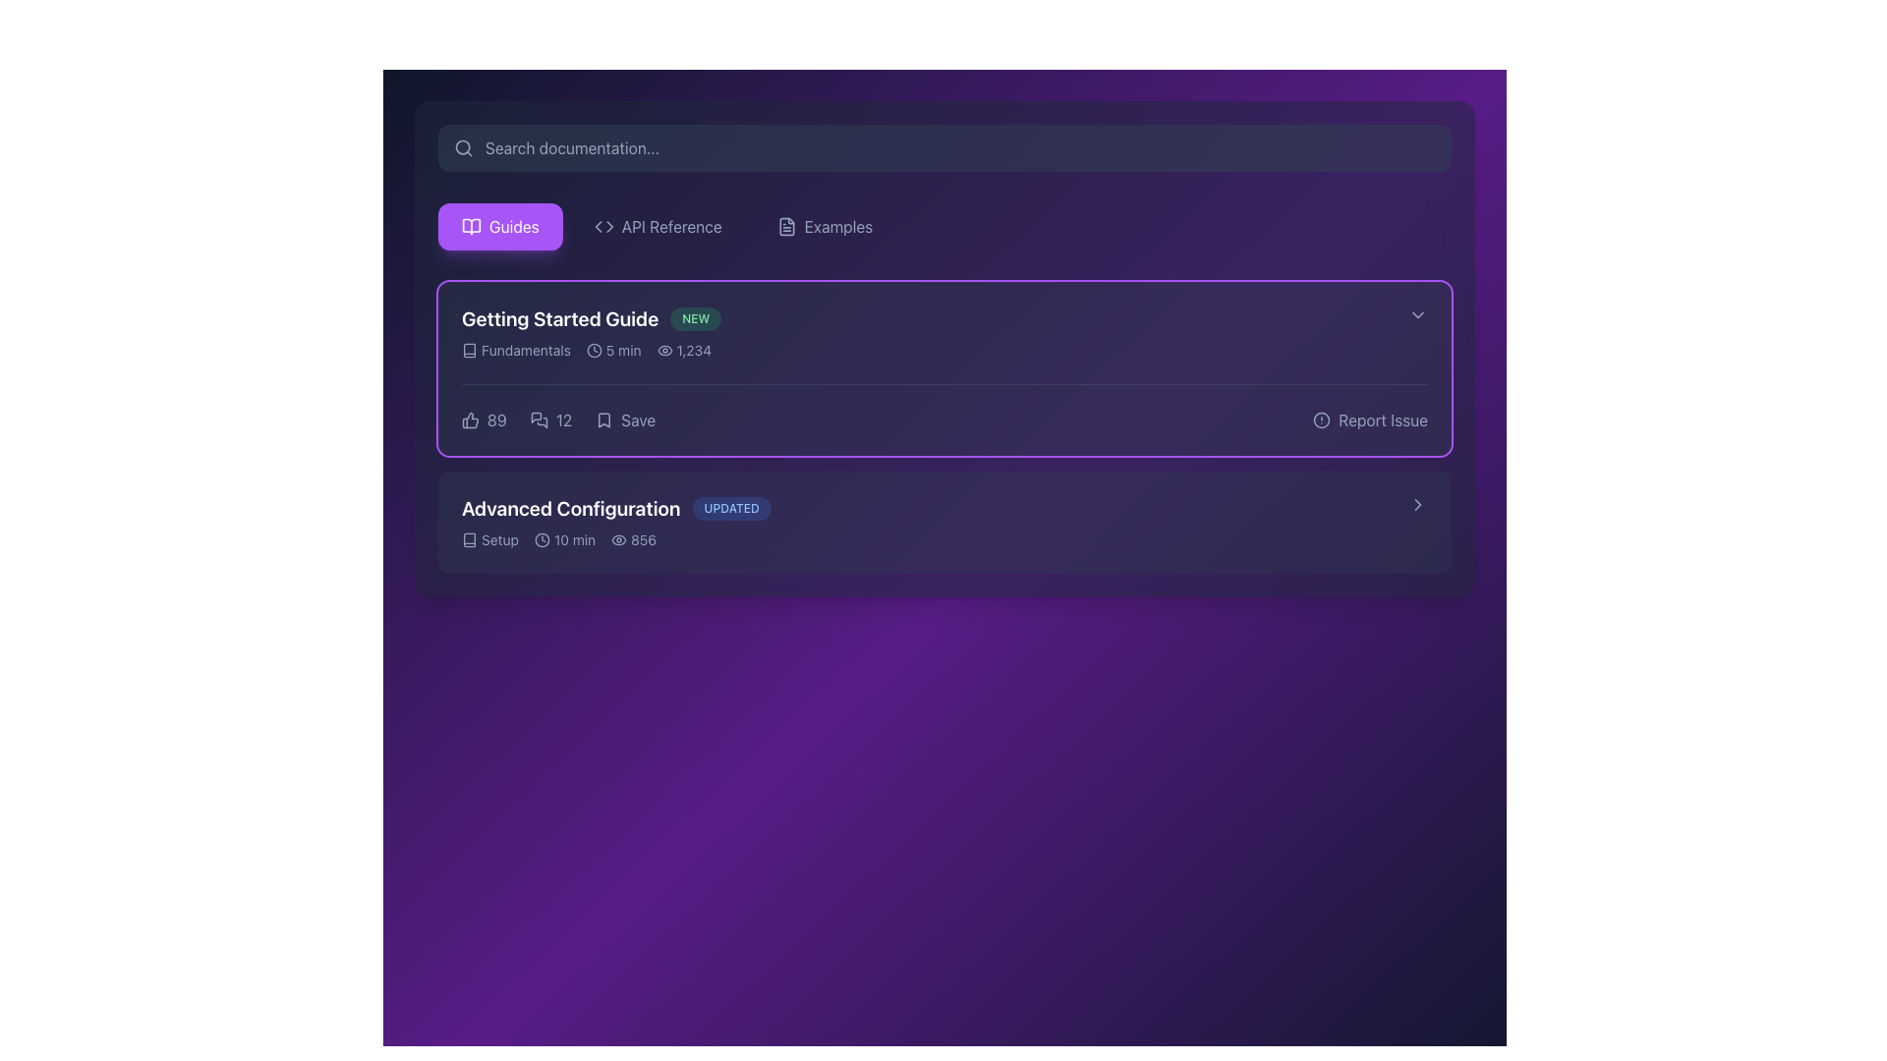  Describe the element at coordinates (472, 226) in the screenshot. I see `the 'Guides' icon located in the left sidebar navigation menu, which is visually represented by a purple button aiding in documentation or tutorial material` at that location.